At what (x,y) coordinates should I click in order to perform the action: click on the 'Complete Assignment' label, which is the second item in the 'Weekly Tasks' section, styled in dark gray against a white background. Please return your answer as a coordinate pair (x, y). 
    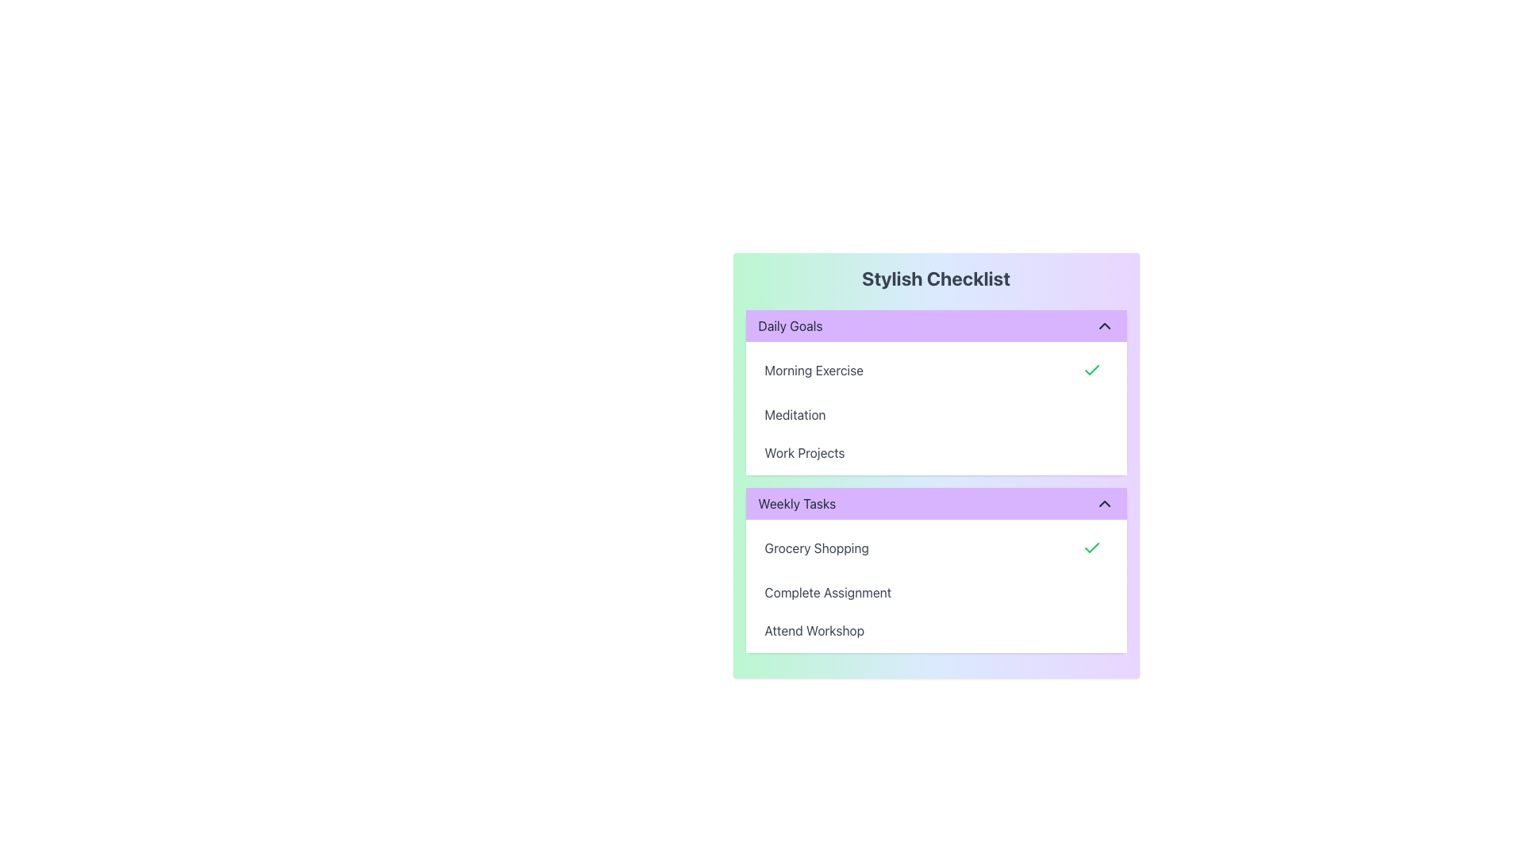
    Looking at the image, I should click on (827, 593).